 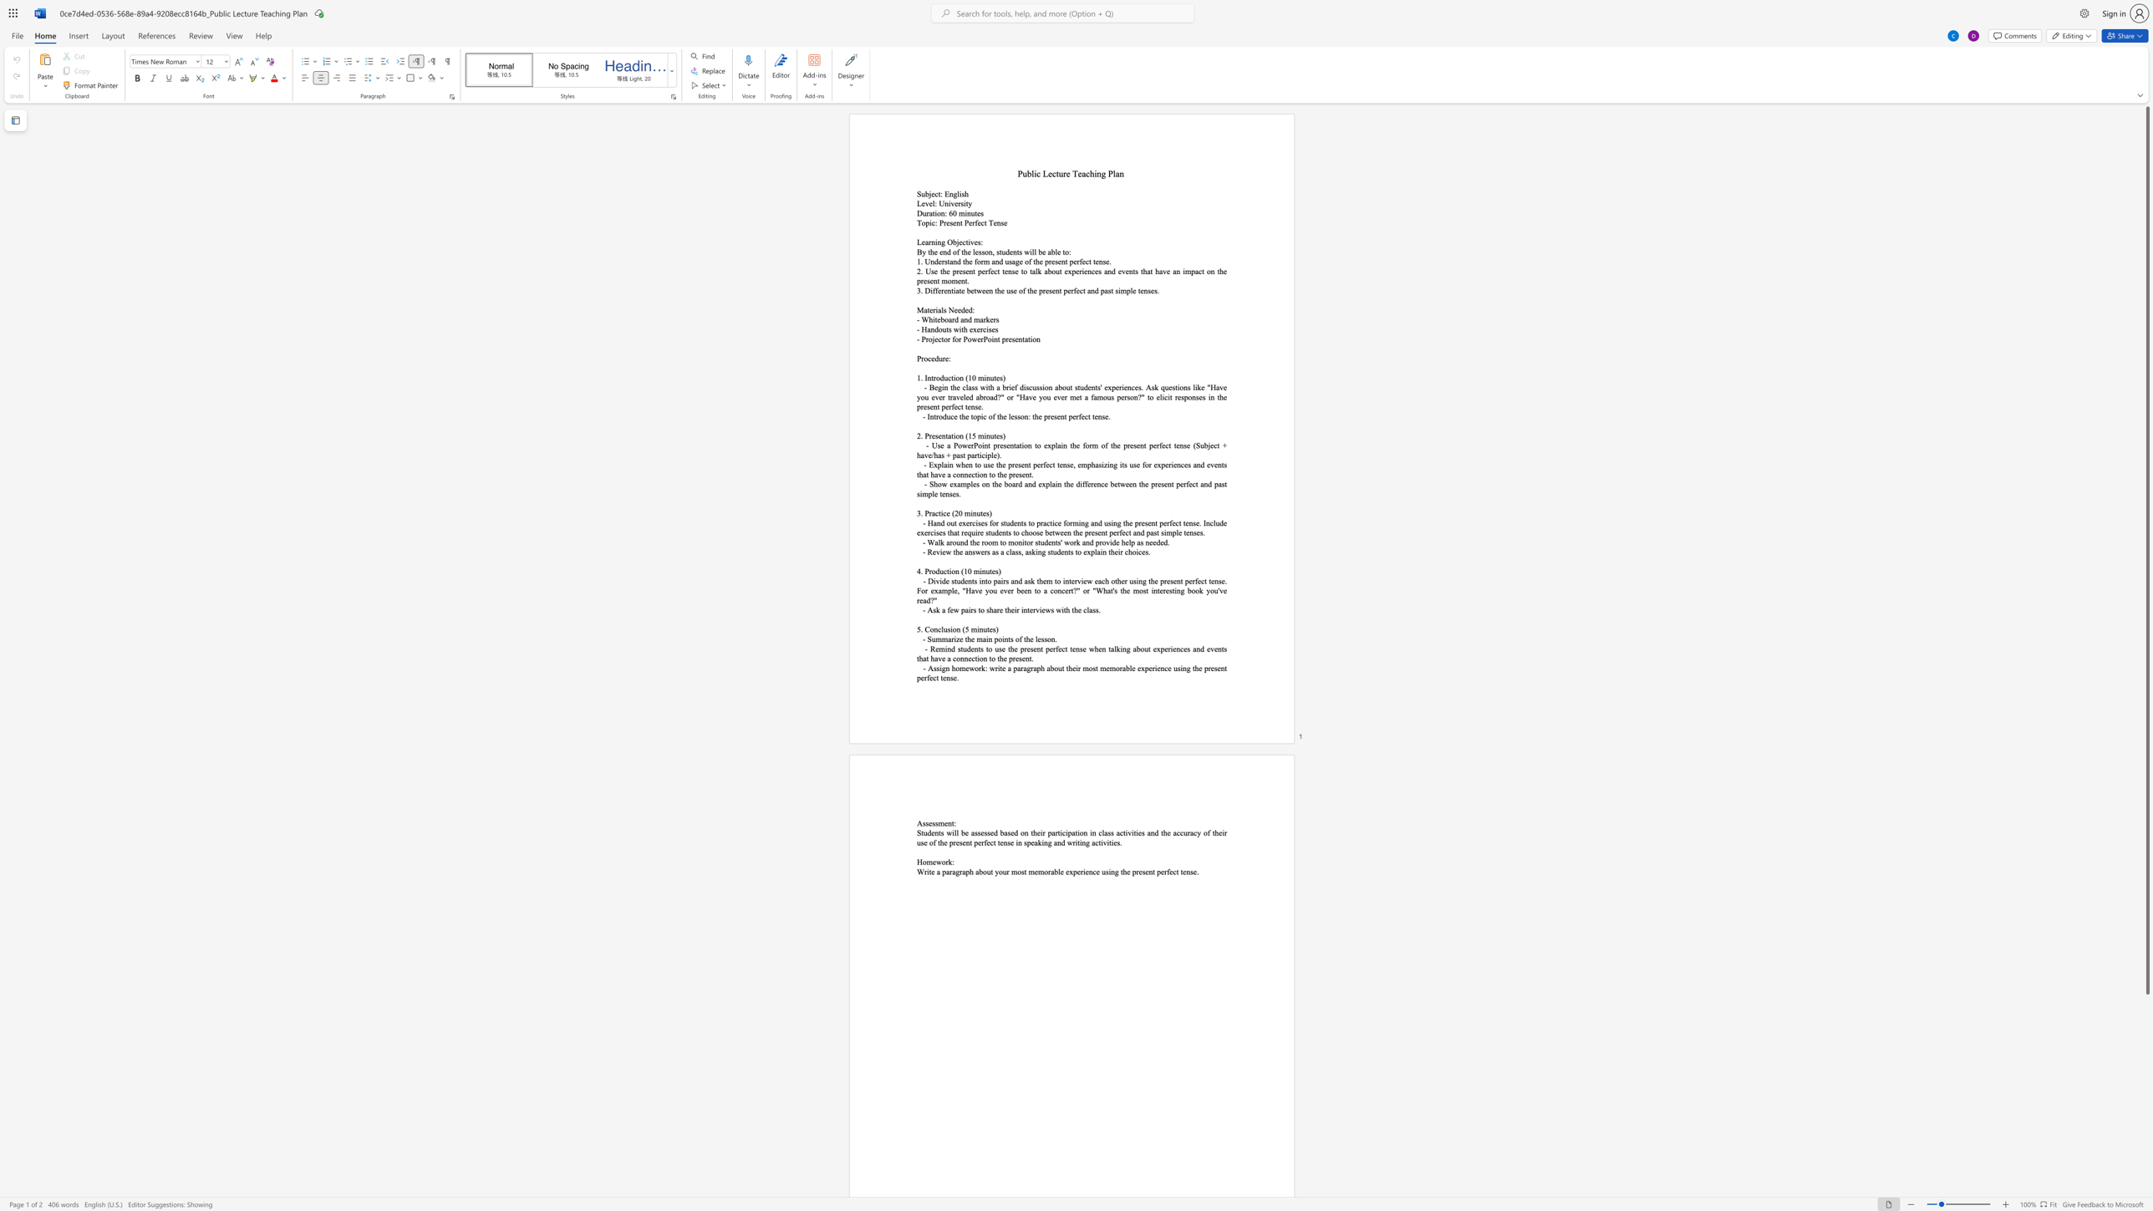 I want to click on the scrollbar to move the content lower, so click(x=2146, y=1054).